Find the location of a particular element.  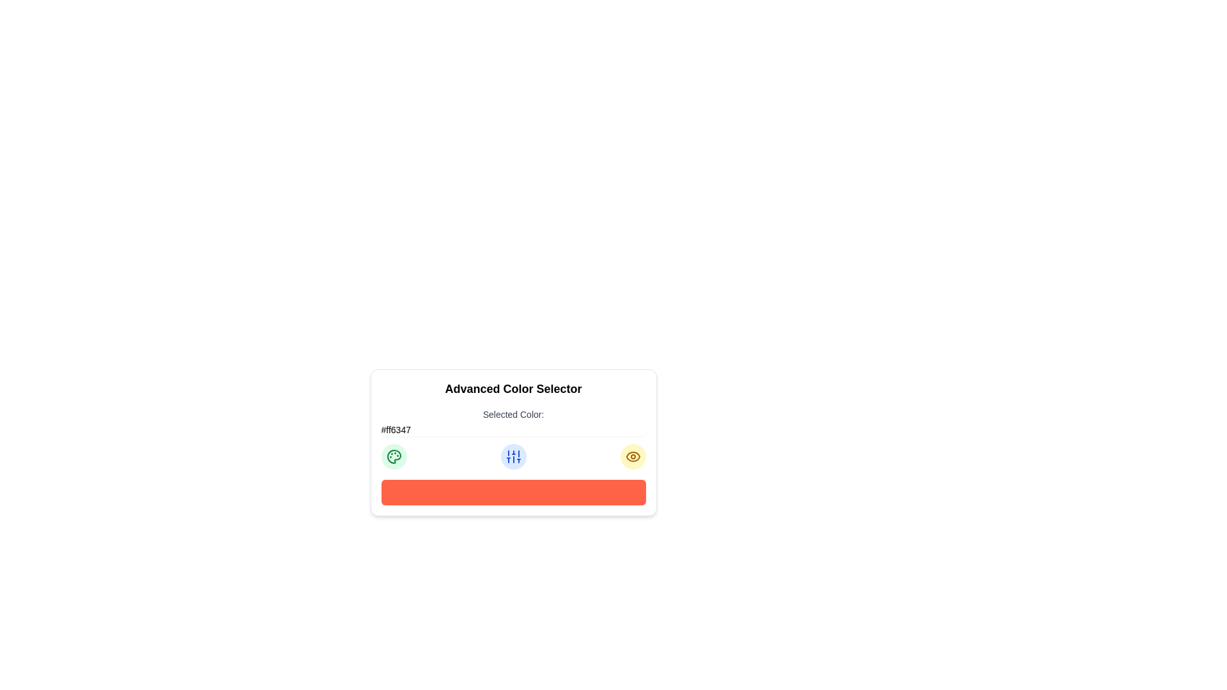

the vertical sliders icon button, which is styled in blue and located in the center among three icons below the 'Selected Color' text in the inspector interface is located at coordinates (513, 456).